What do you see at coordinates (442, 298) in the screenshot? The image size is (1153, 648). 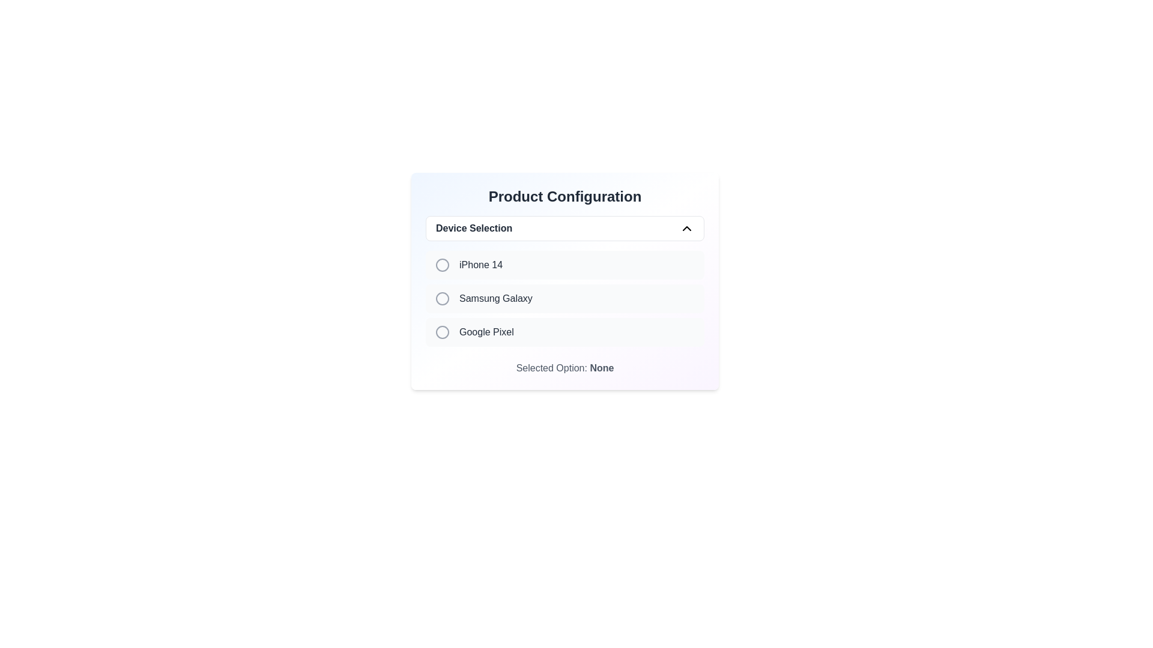 I see `the radio button associated with the 'Samsung Galaxy' option` at bounding box center [442, 298].